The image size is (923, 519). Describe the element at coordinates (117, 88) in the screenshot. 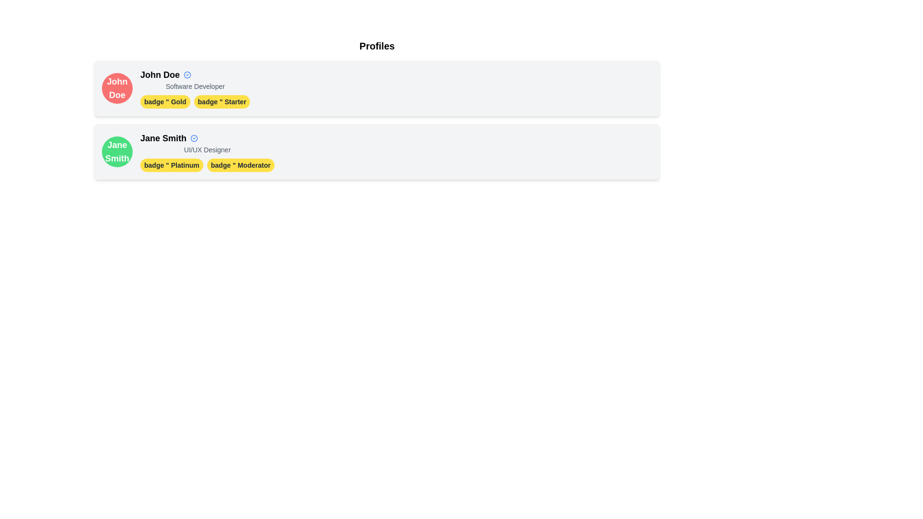

I see `the decorative graphical element or avatar for the individual named 'John Doe', which is located in the first profile card at the top-left corner of the card` at that location.